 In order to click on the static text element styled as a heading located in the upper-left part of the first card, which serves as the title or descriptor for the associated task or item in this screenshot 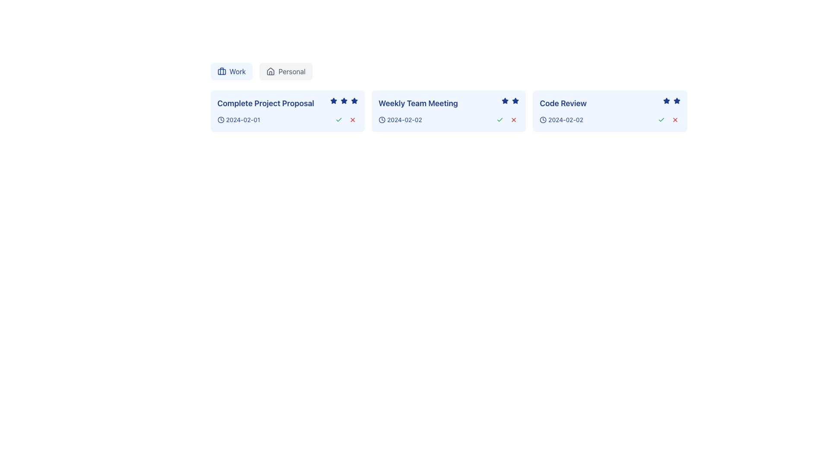, I will do `click(288, 103)`.